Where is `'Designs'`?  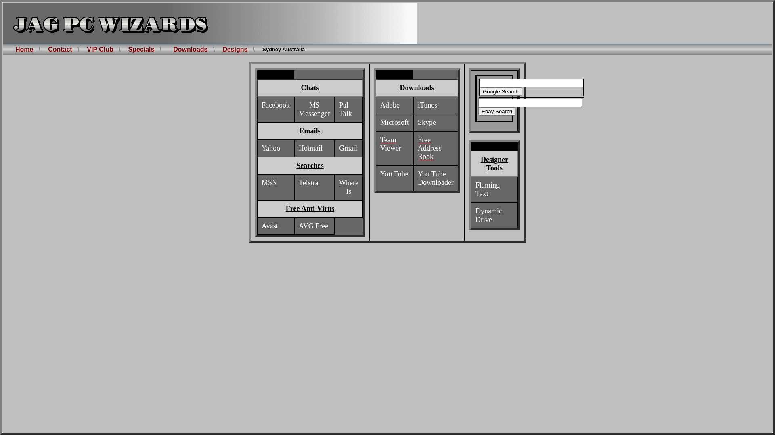 'Designs' is located at coordinates (234, 49).